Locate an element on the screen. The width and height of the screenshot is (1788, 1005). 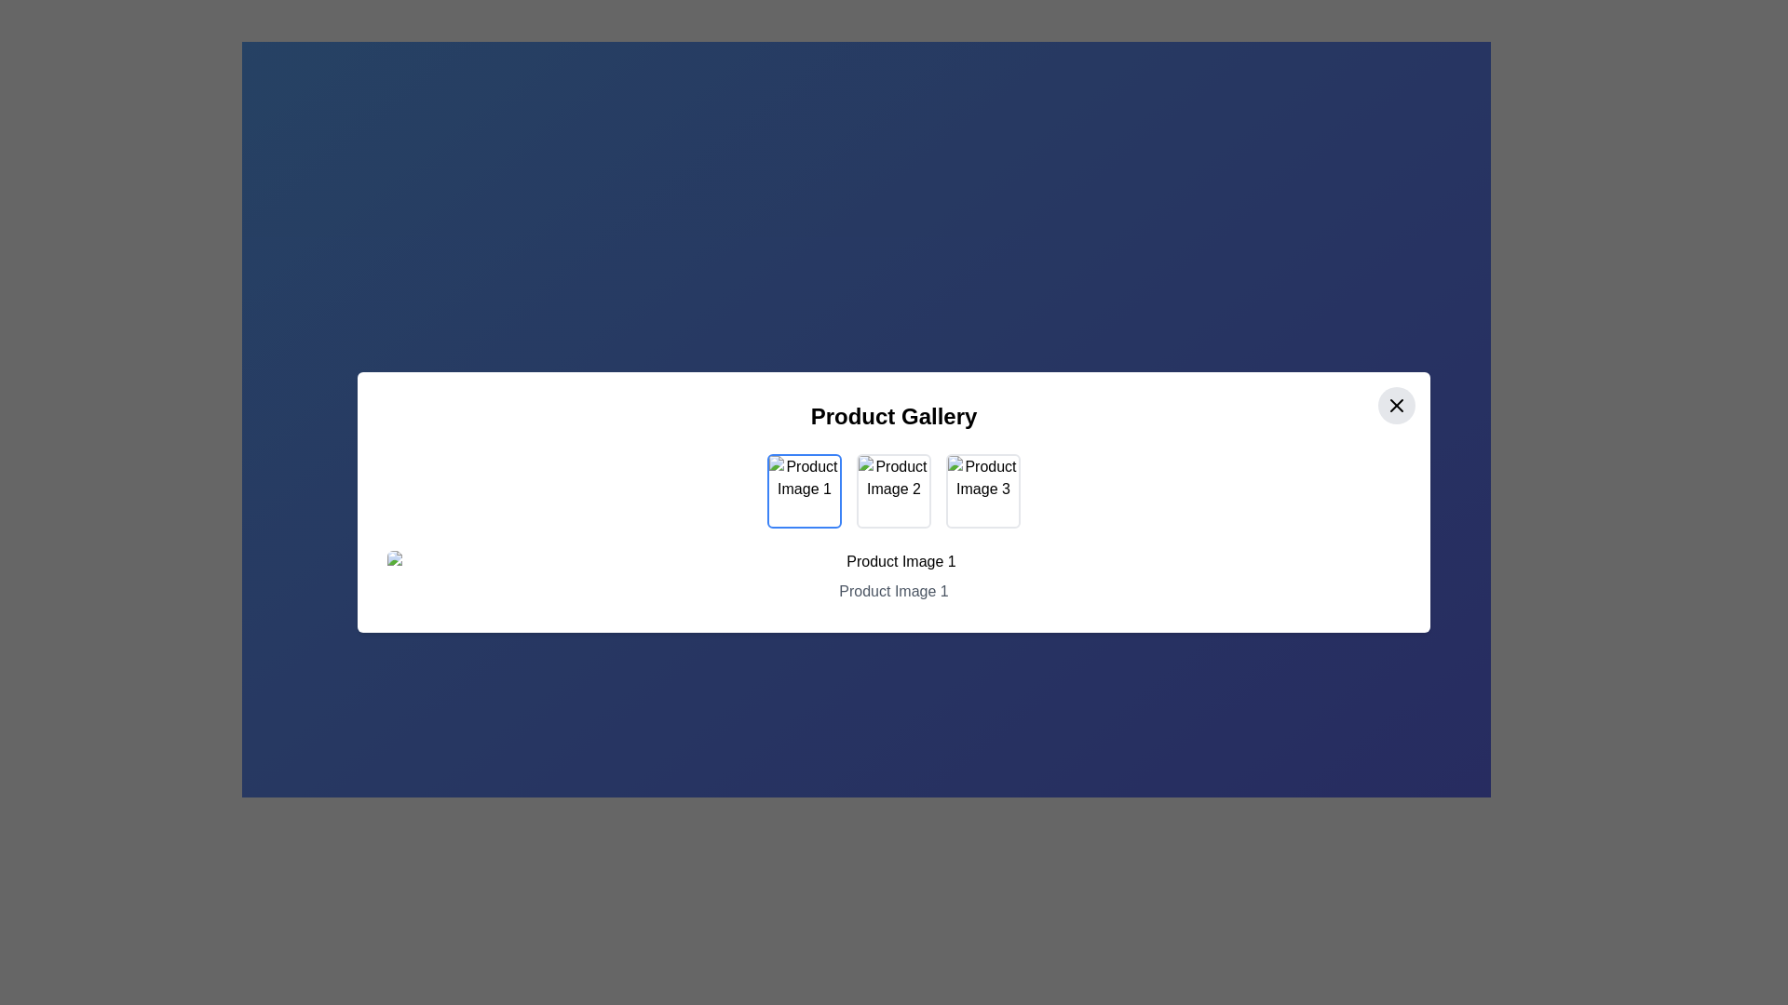
the small black 'X' icon located inside the circular button at the top-right corner of the dialog box is located at coordinates (1396, 404).